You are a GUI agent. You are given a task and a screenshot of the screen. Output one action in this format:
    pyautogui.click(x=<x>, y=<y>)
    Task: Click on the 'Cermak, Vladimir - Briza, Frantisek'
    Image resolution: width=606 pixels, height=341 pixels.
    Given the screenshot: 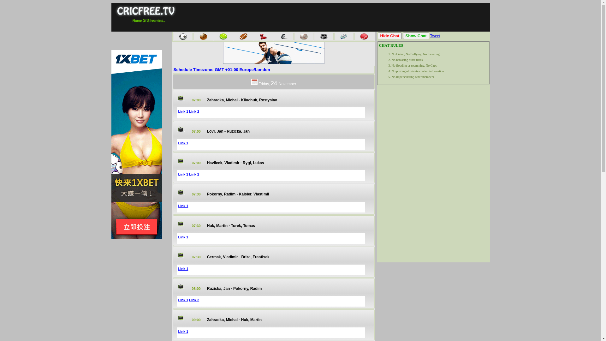 What is the action you would take?
    pyautogui.click(x=238, y=257)
    